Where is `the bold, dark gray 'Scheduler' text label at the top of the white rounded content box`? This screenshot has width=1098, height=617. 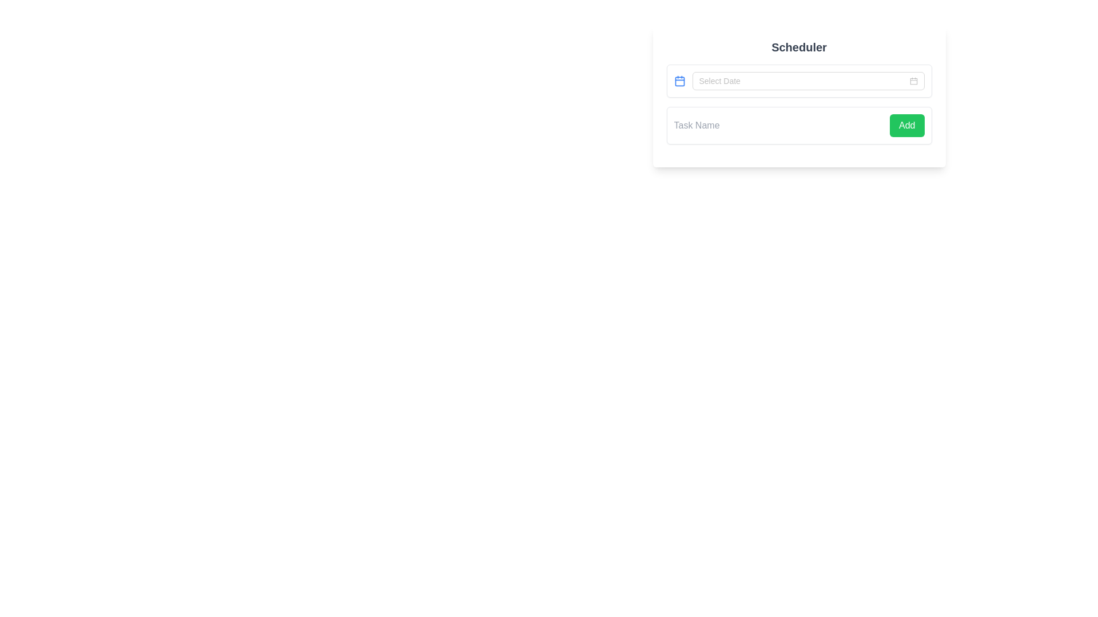
the bold, dark gray 'Scheduler' text label at the top of the white rounded content box is located at coordinates (798, 47).